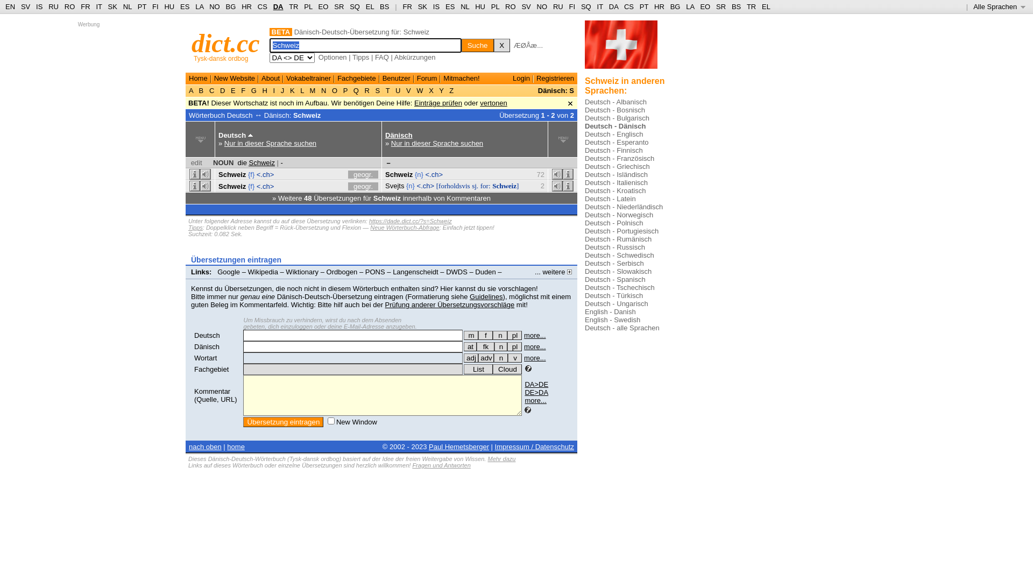  Describe the element at coordinates (536, 392) in the screenshot. I see `'DE>DA'` at that location.